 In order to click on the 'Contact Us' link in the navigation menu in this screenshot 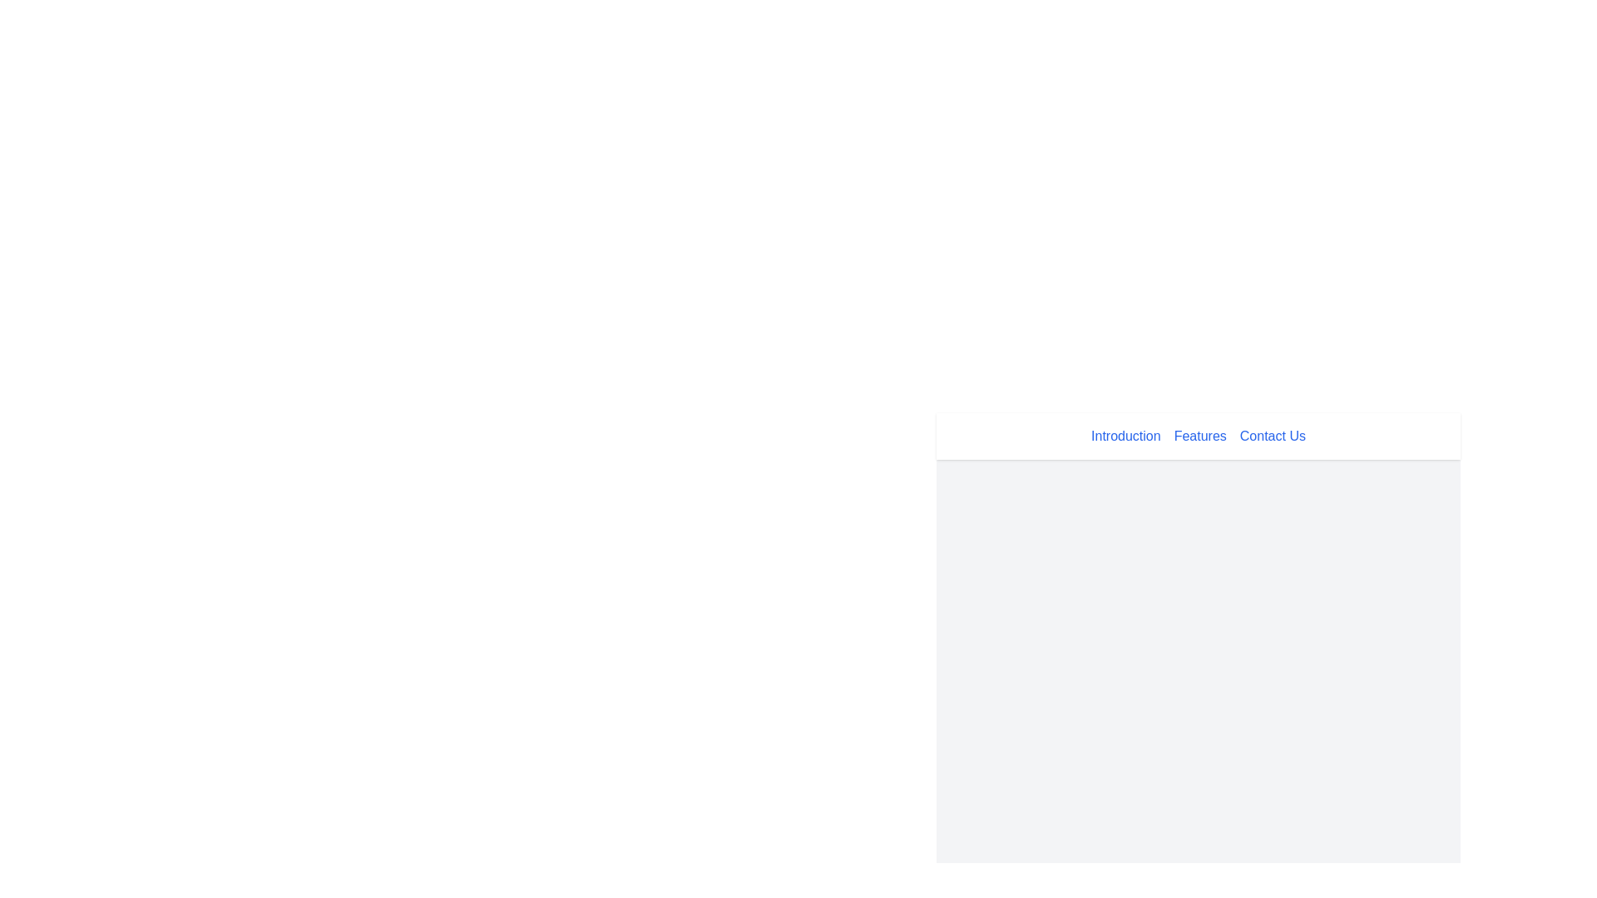, I will do `click(1272, 435)`.